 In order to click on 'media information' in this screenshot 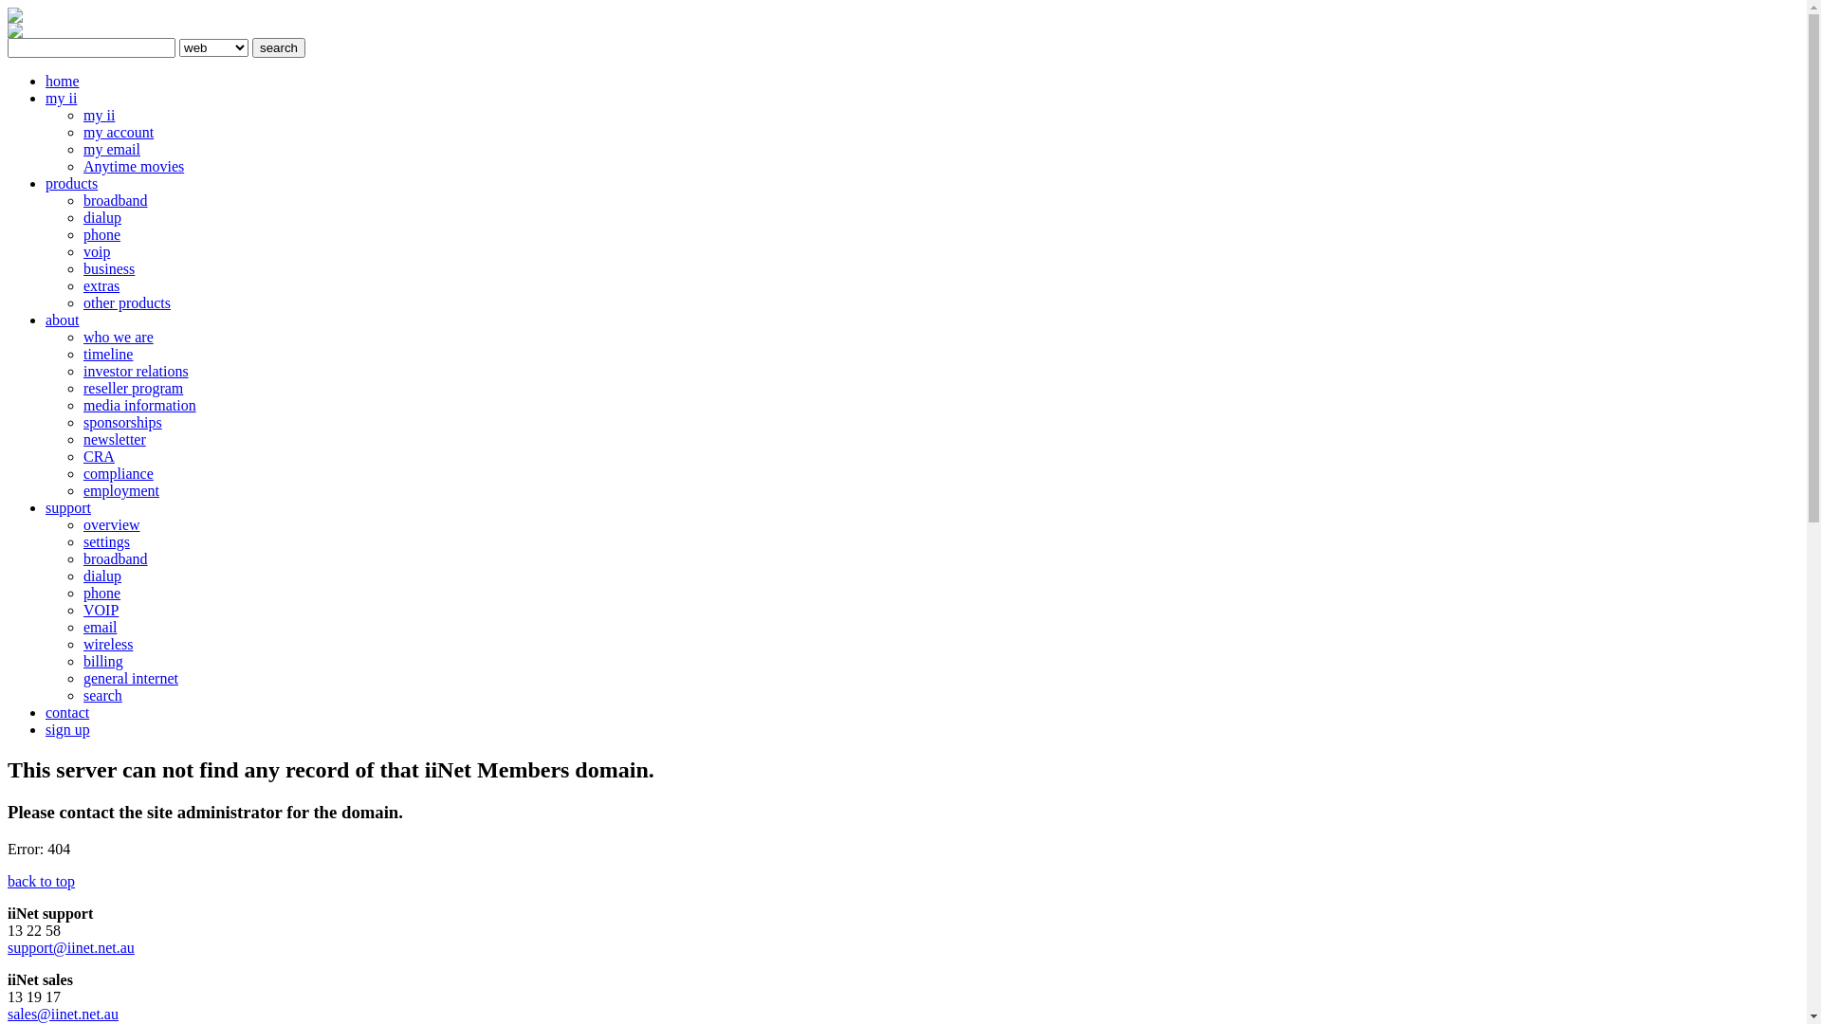, I will do `click(138, 404)`.